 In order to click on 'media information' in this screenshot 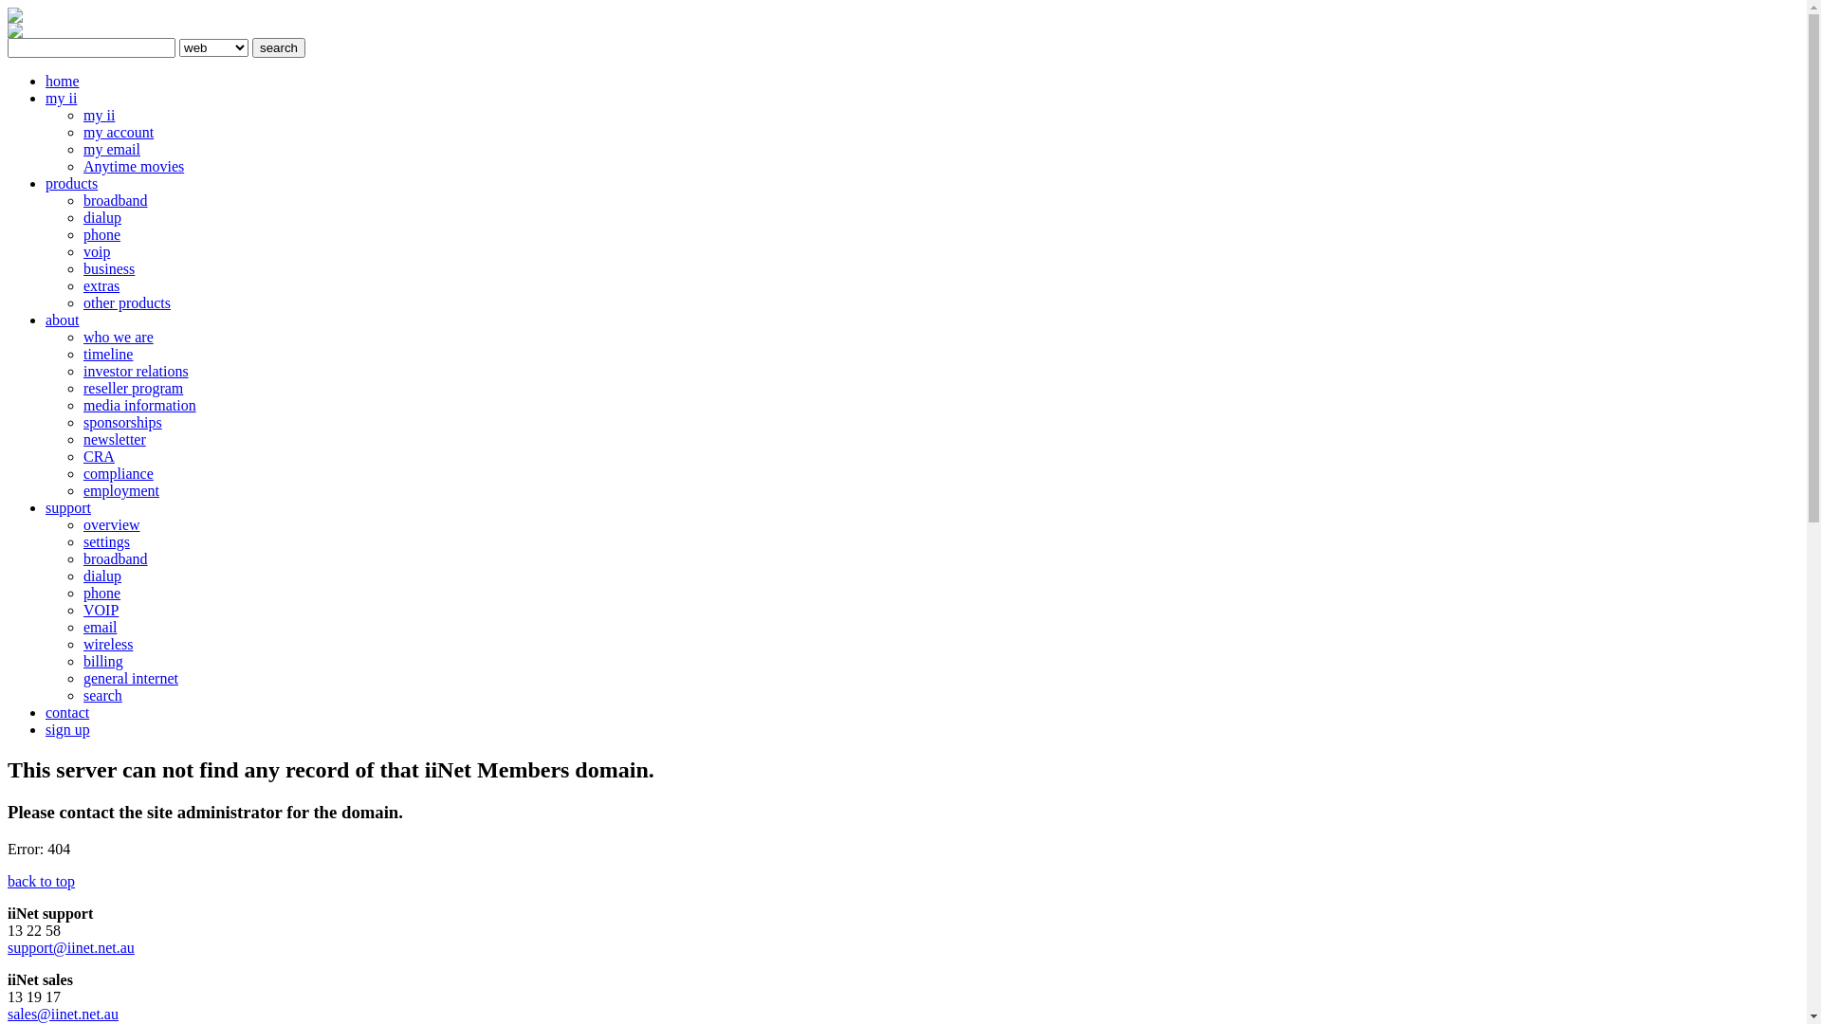, I will do `click(138, 404)`.